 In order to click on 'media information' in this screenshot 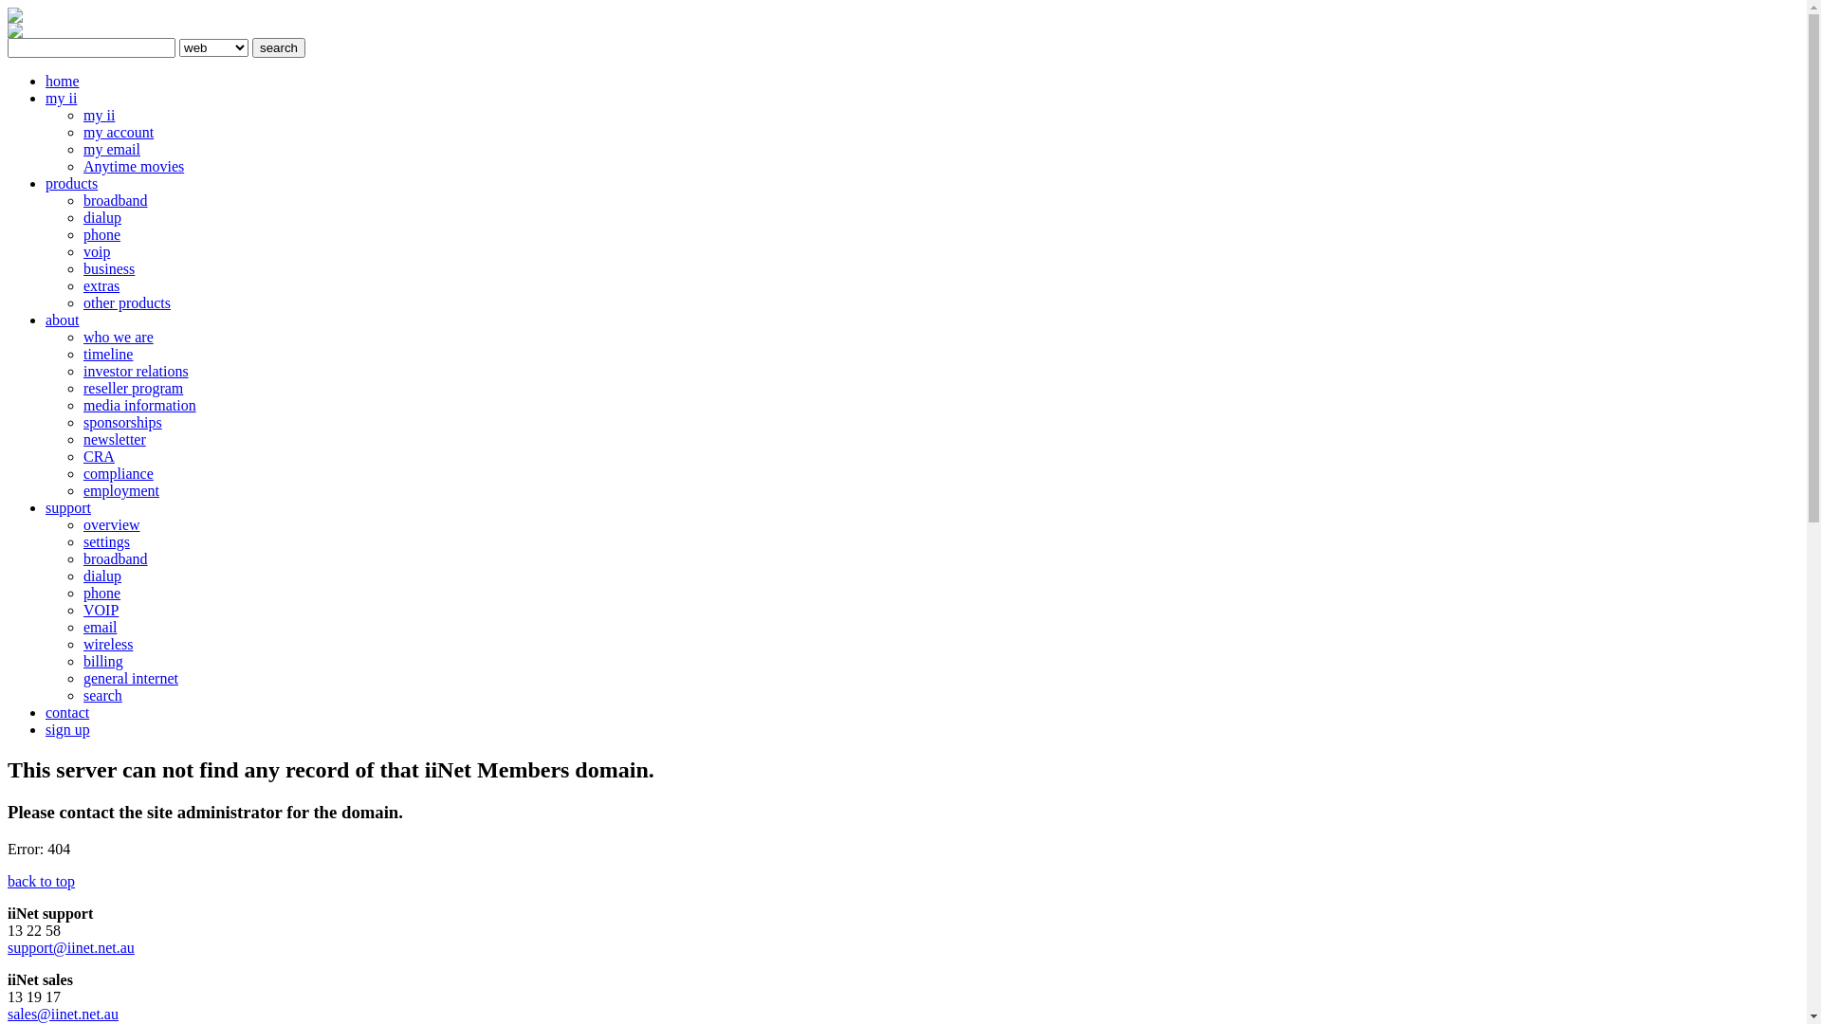, I will do `click(138, 404)`.